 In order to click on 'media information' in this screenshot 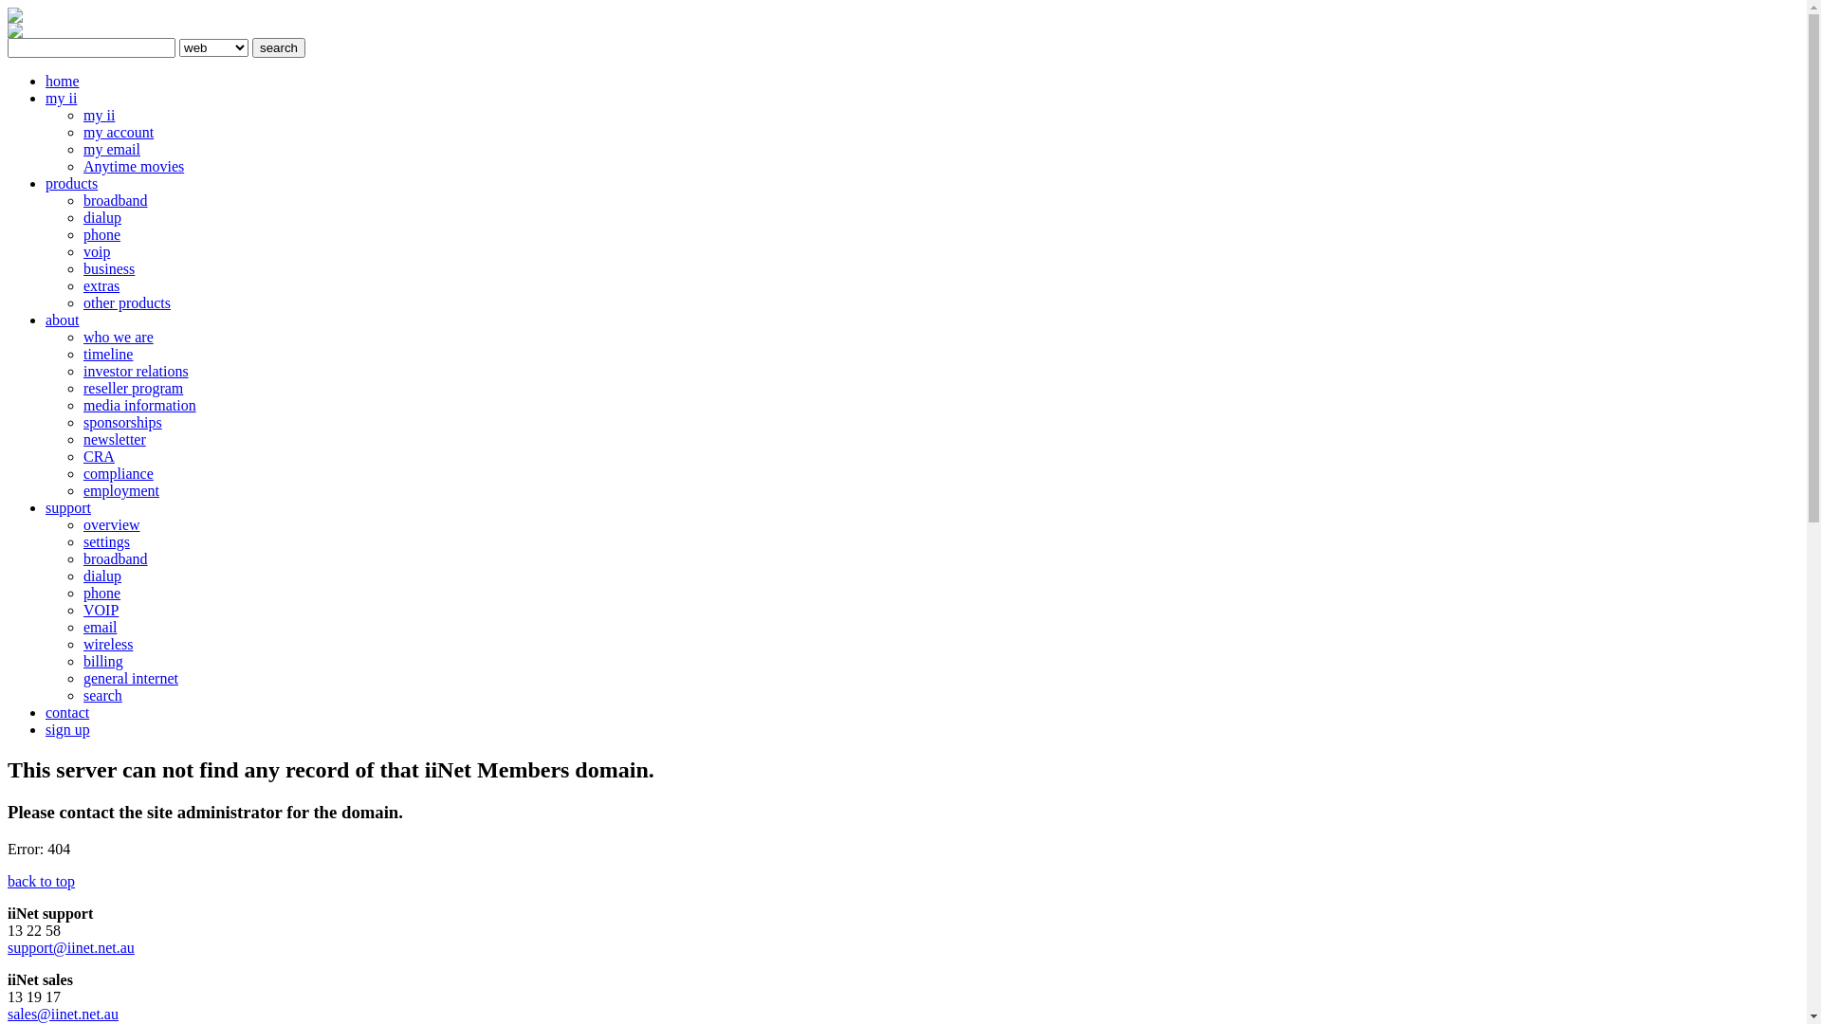, I will do `click(138, 404)`.